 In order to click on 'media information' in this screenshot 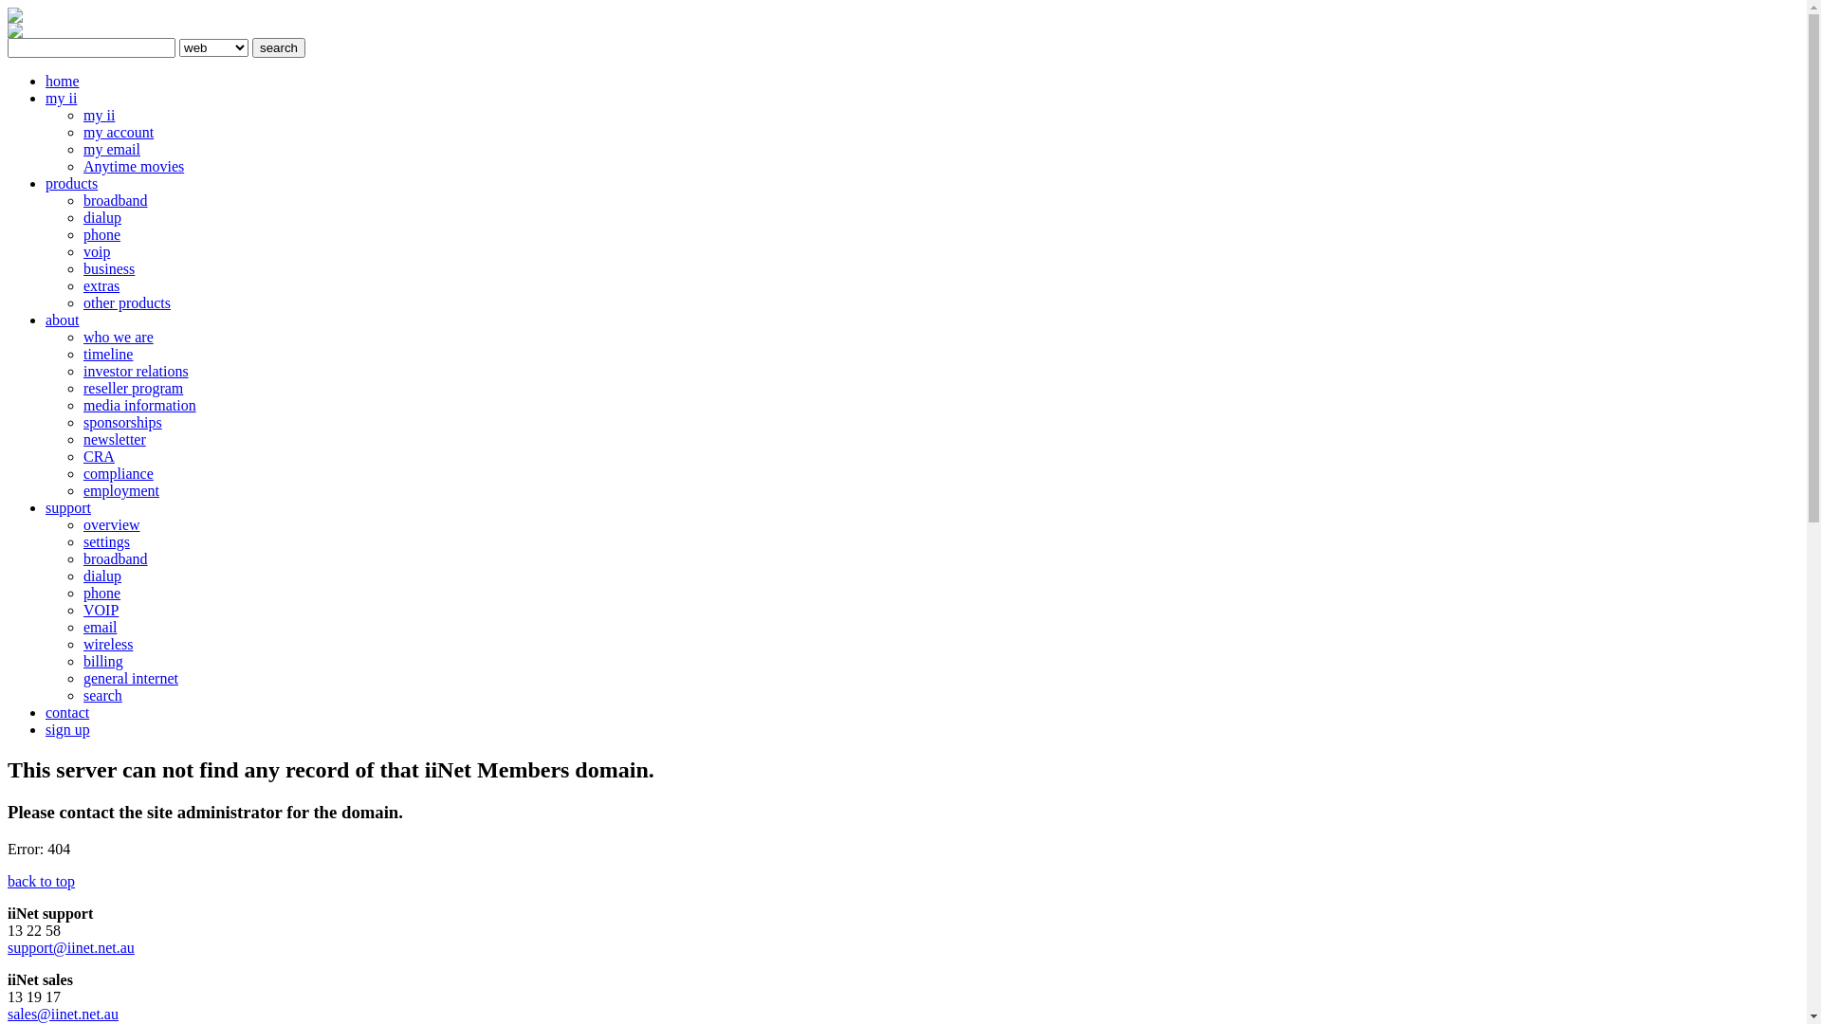, I will do `click(138, 404)`.